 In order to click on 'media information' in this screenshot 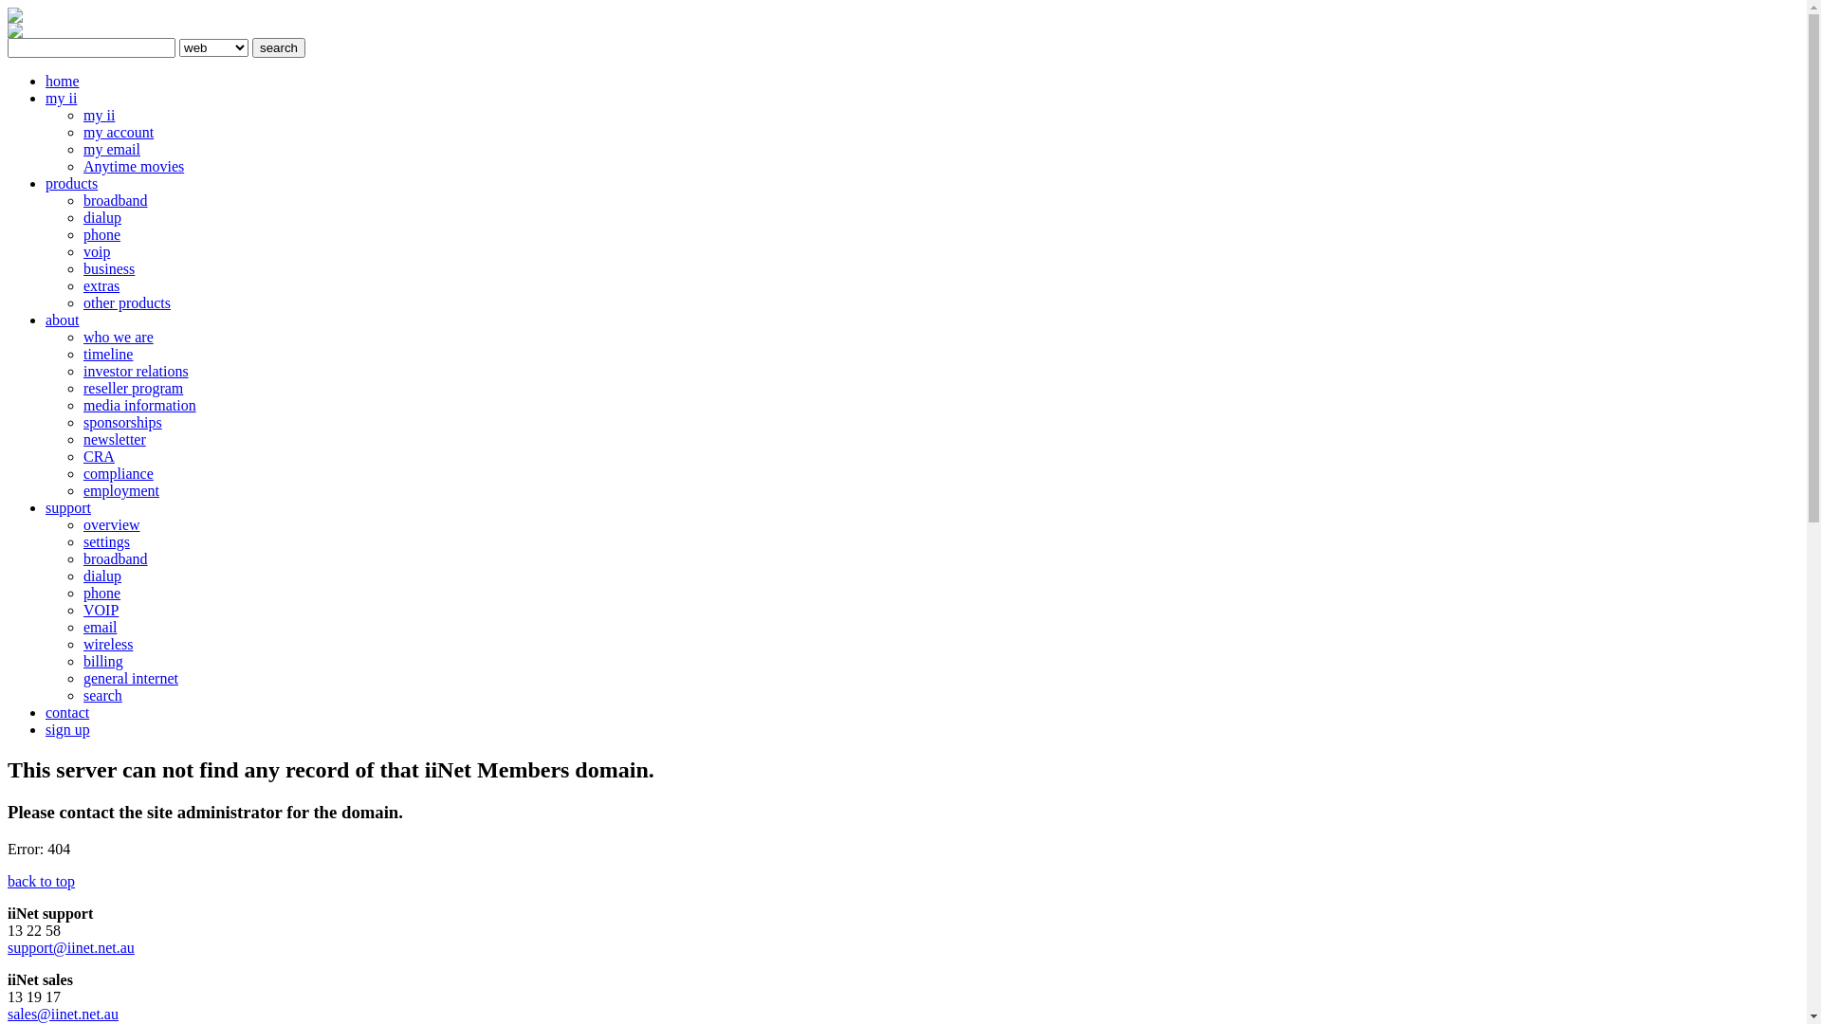, I will do `click(138, 404)`.